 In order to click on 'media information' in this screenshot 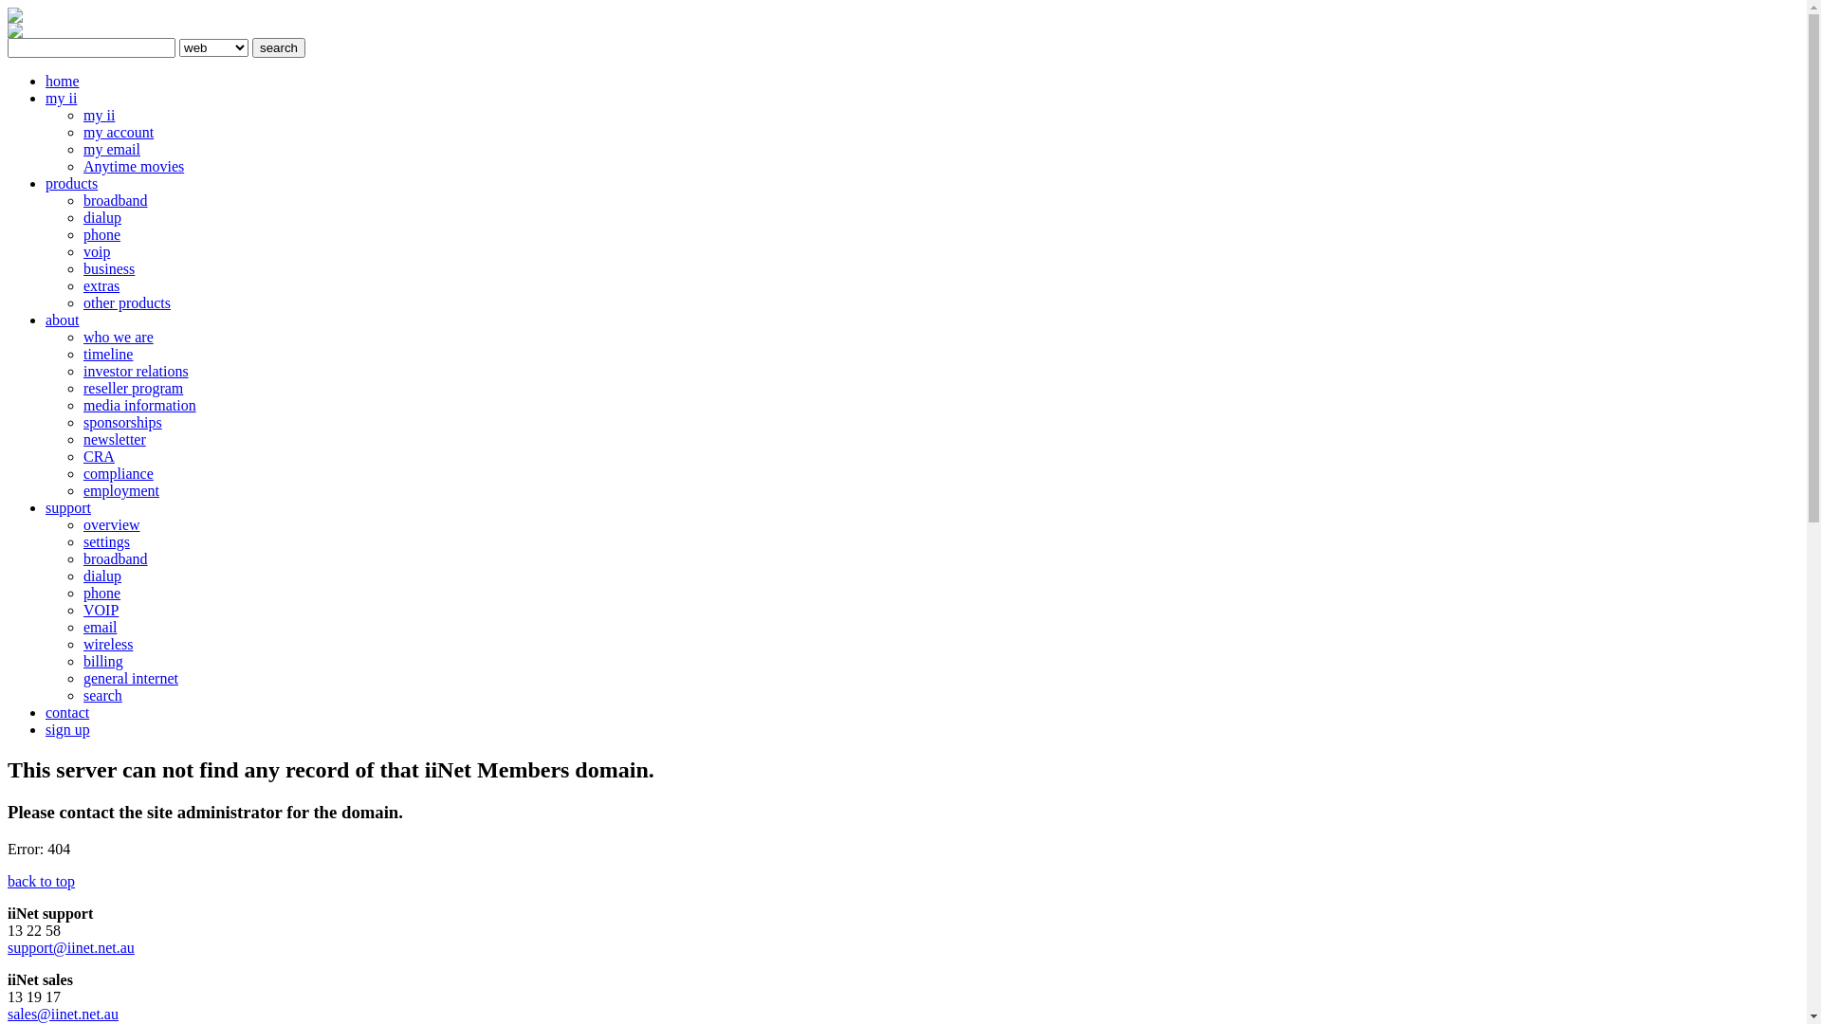, I will do `click(138, 404)`.